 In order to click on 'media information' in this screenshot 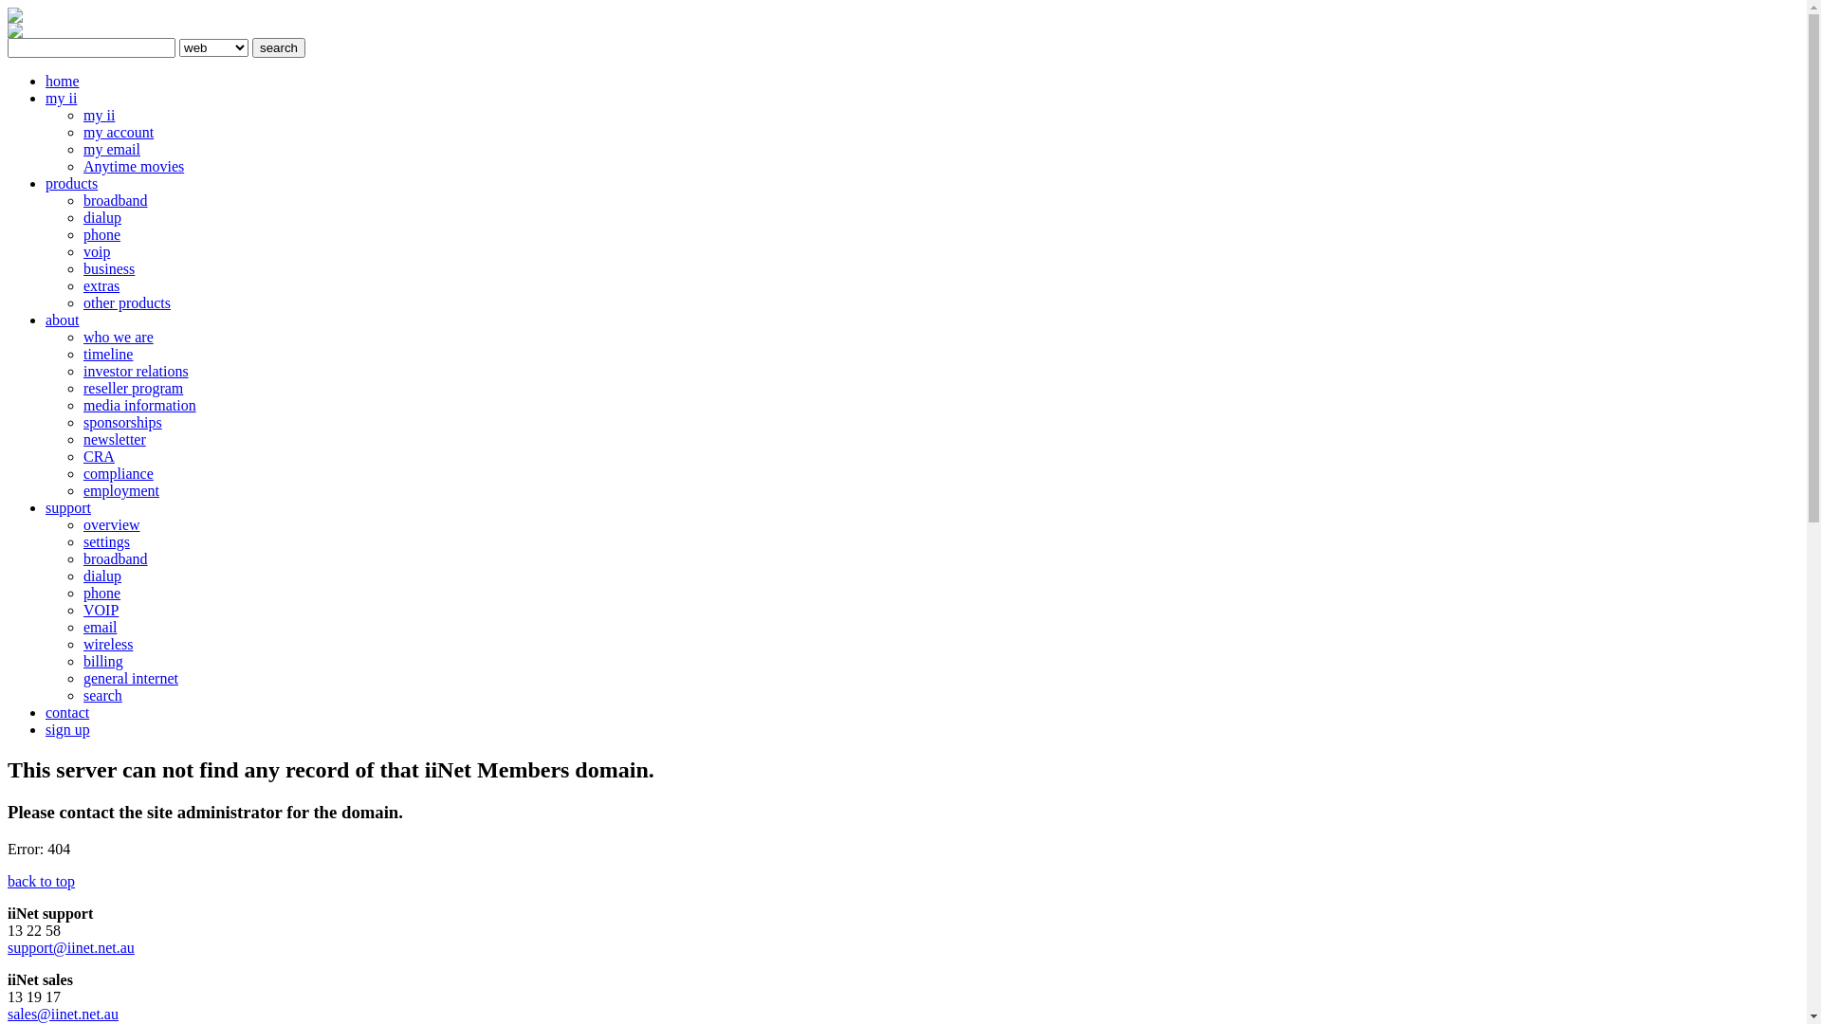, I will do `click(138, 404)`.